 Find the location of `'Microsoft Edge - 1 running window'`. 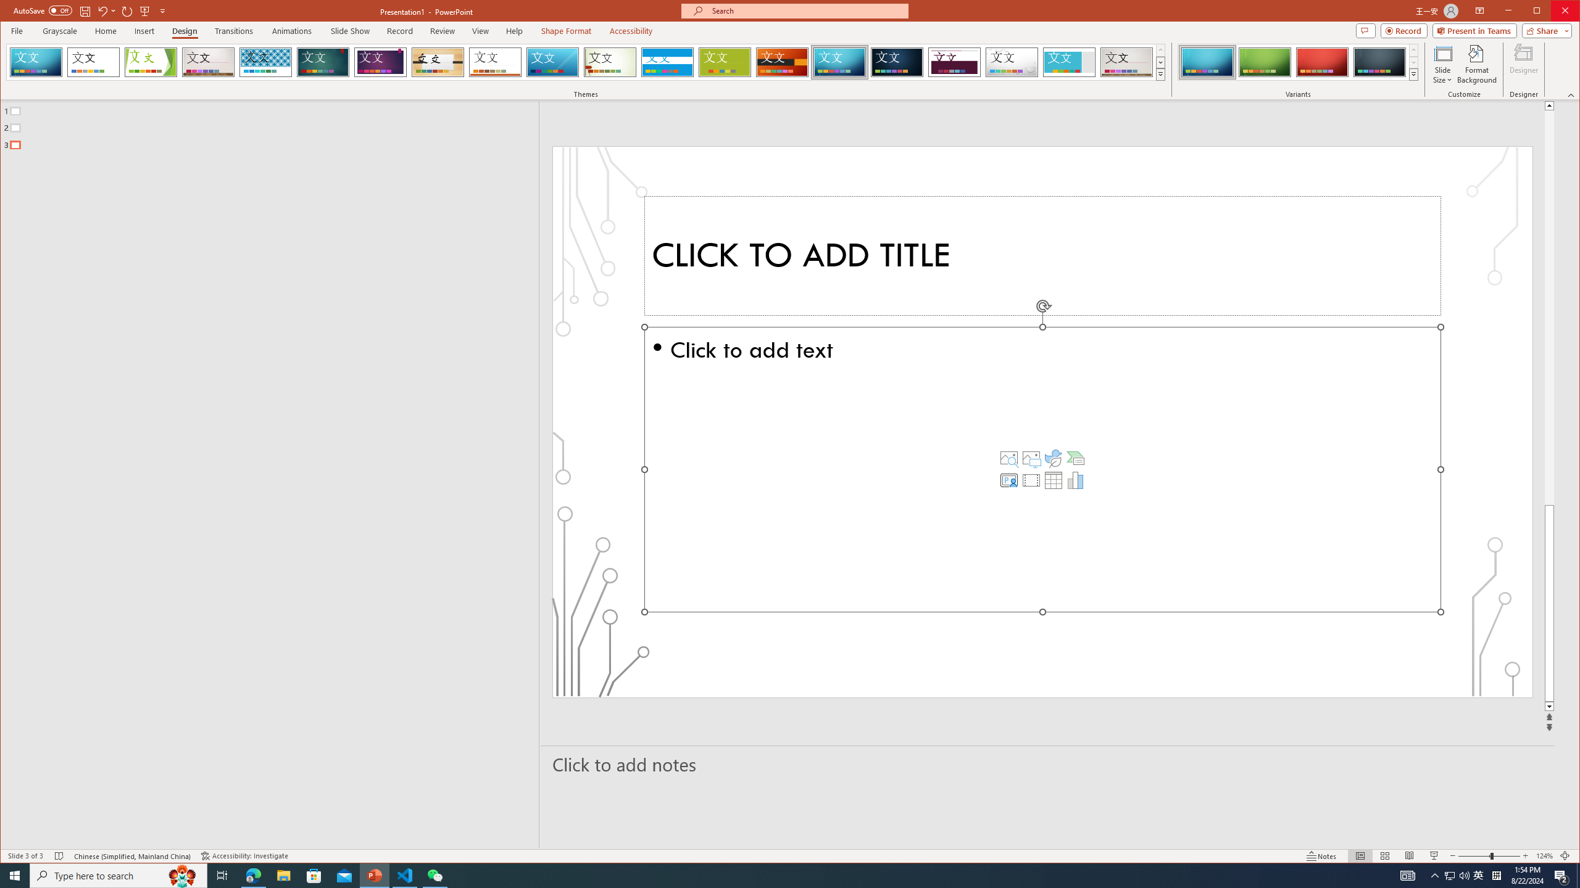

'Microsoft Edge - 1 running window' is located at coordinates (252, 874).